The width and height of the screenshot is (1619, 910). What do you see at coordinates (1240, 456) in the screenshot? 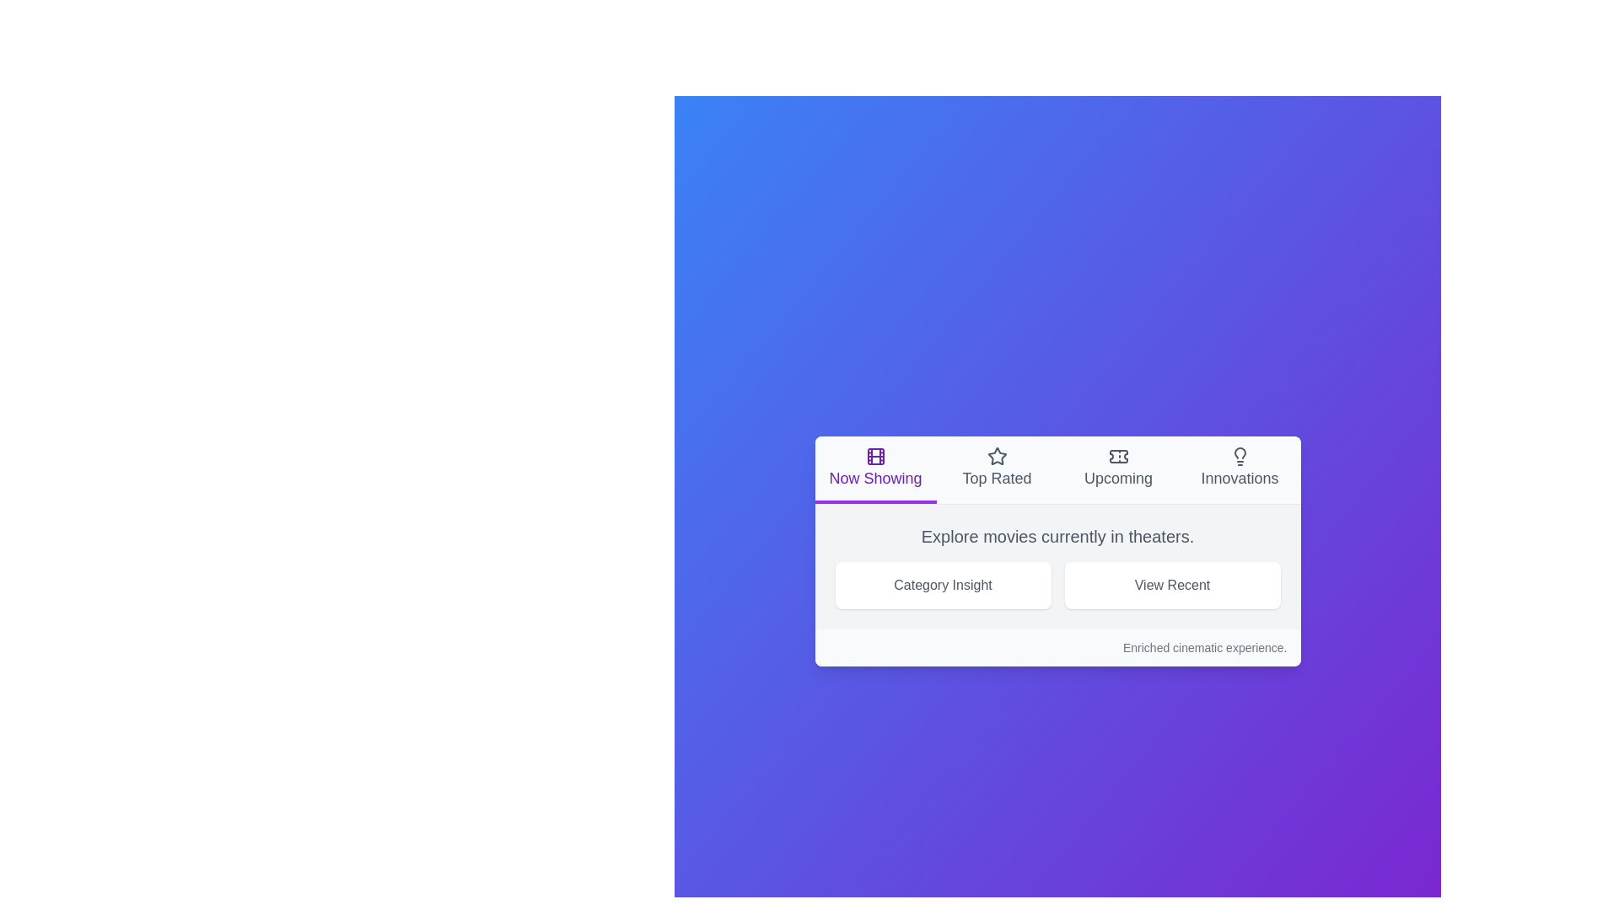
I see `the lightbulb icon in the menu bar` at bounding box center [1240, 456].